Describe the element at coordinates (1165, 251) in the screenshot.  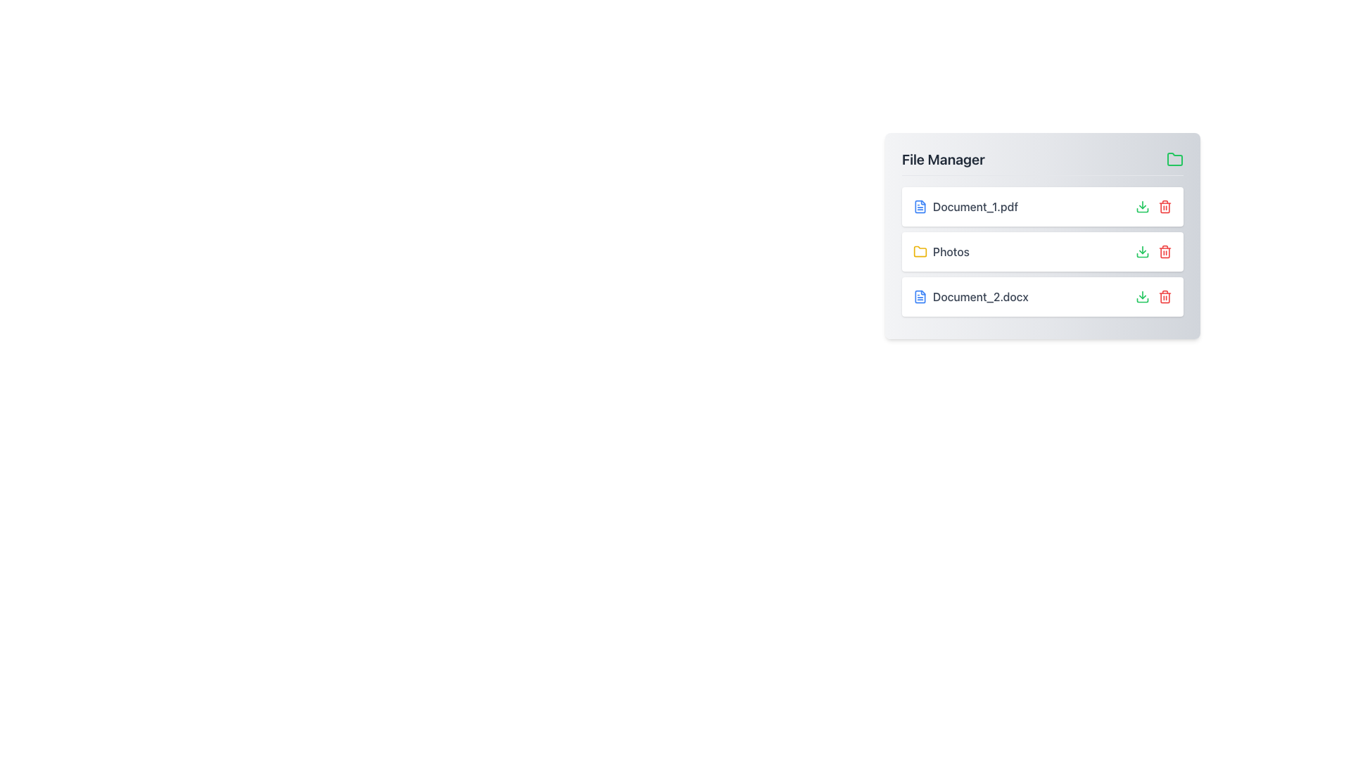
I see `the delete icon located to the far right of the 'Photos' folder in the file manager` at that location.